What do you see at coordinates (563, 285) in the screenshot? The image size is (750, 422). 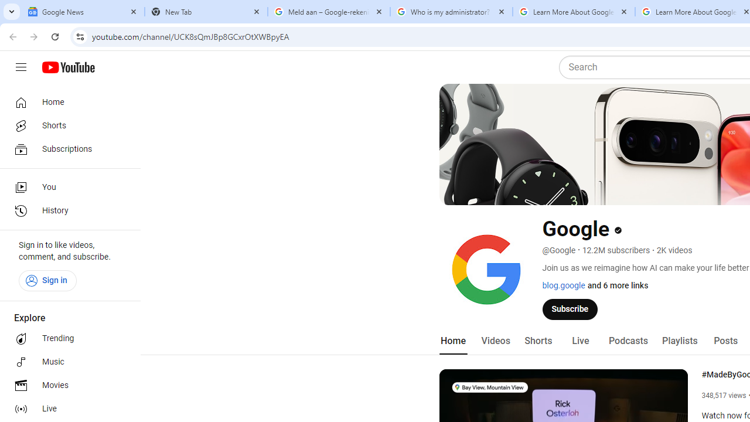 I see `'blog.google'` at bounding box center [563, 285].